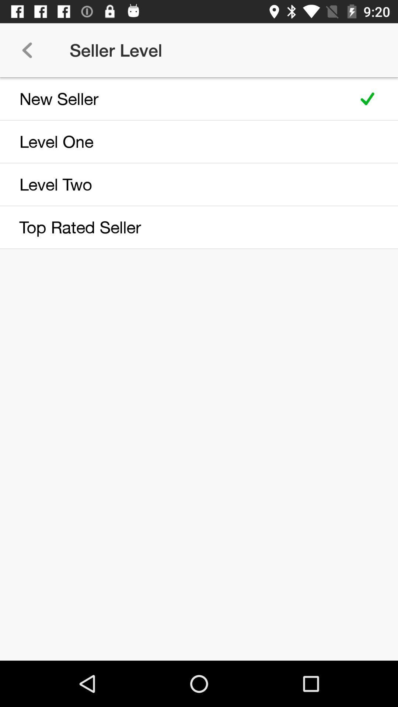  I want to click on icon below level two icon, so click(174, 227).